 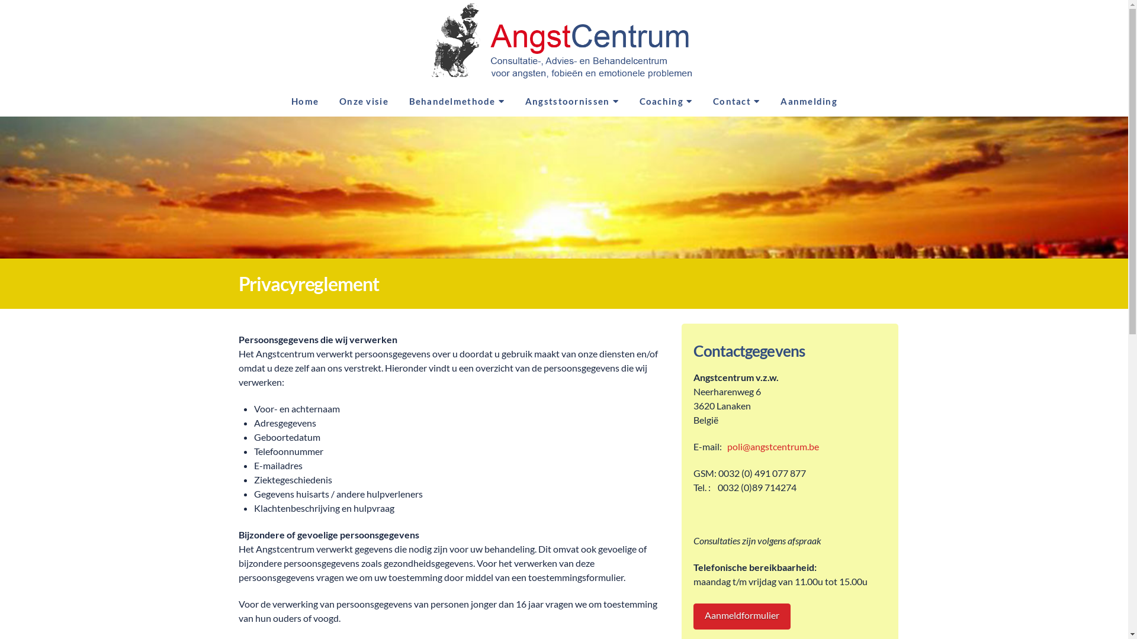 What do you see at coordinates (807, 102) in the screenshot?
I see `'Aanmelding'` at bounding box center [807, 102].